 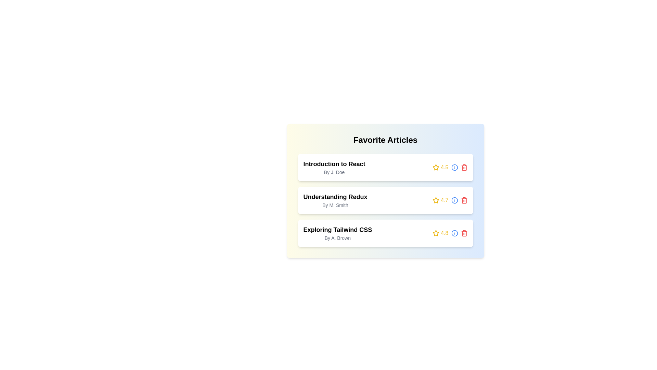 I want to click on the 'info' icon next to the article titled 'Introduction to React' to view its details, so click(x=454, y=168).